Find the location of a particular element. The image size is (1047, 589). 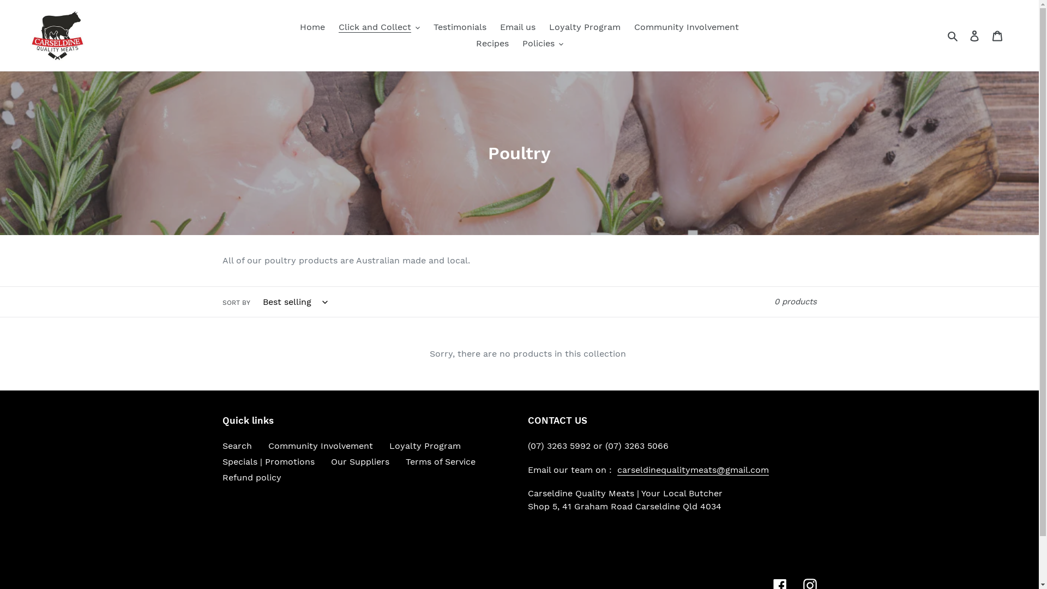

'Specials | Promotions' is located at coordinates (268, 461).